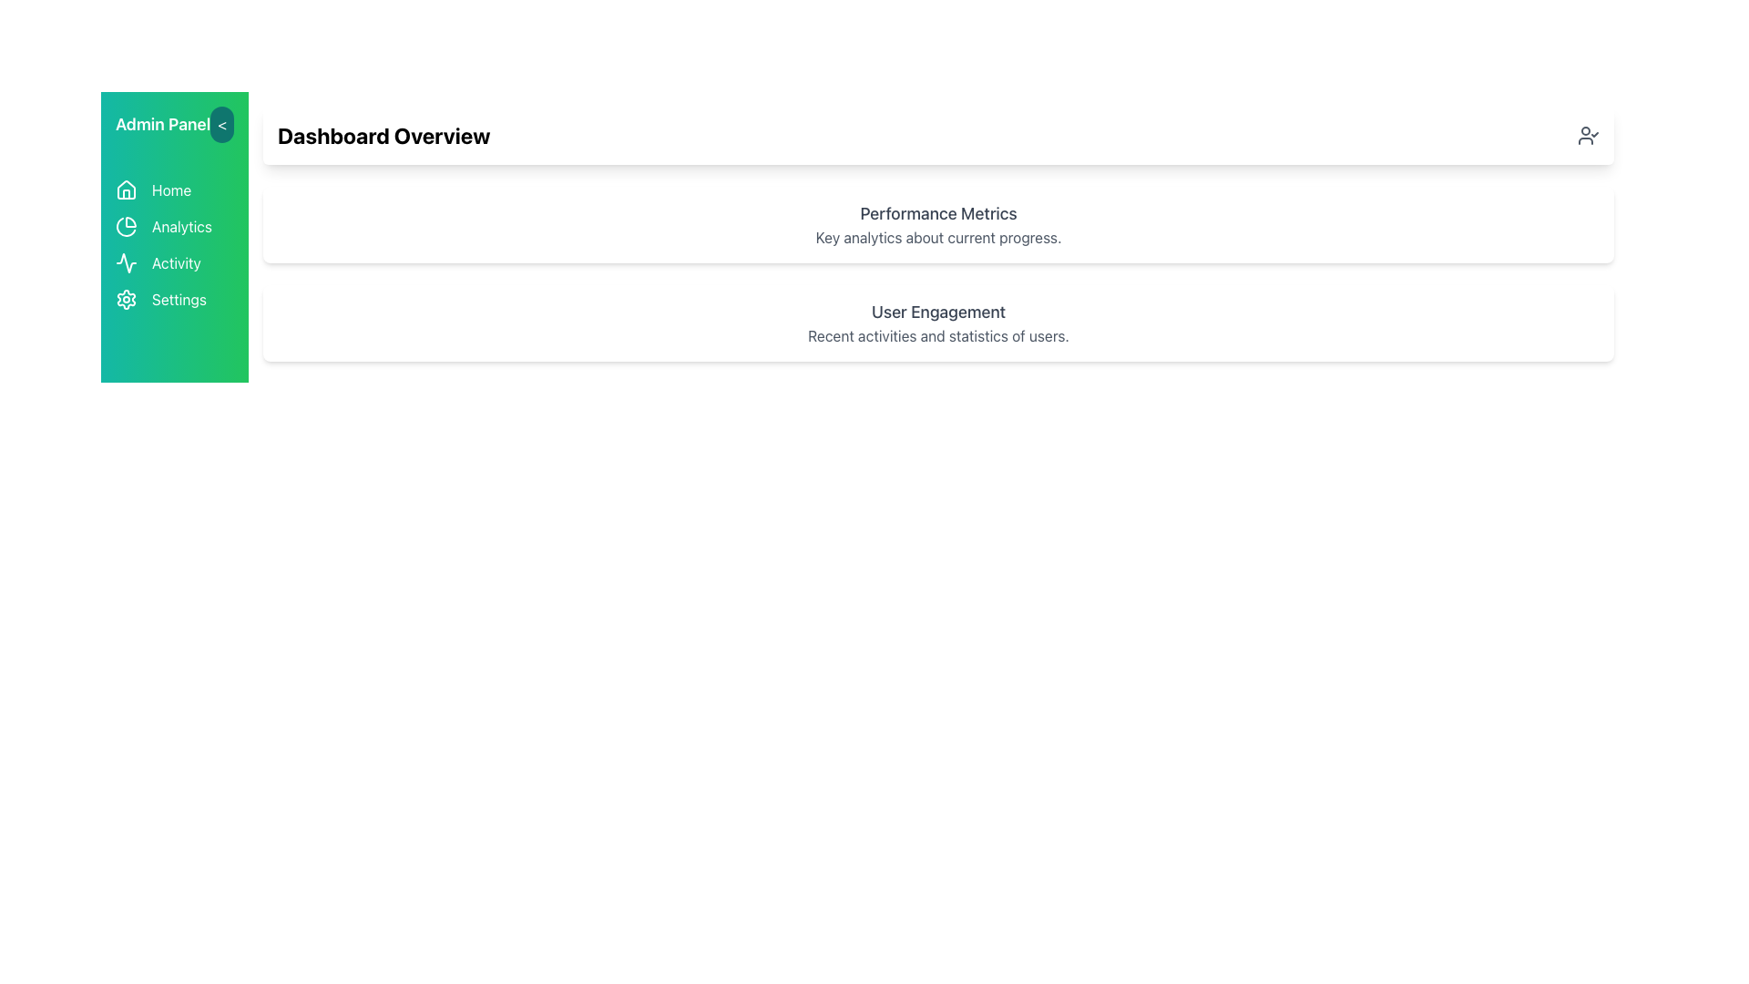 The height and width of the screenshot is (984, 1749). I want to click on the 'Admin Panel' label located in the upper-left corner of the side navigation bar, so click(163, 124).